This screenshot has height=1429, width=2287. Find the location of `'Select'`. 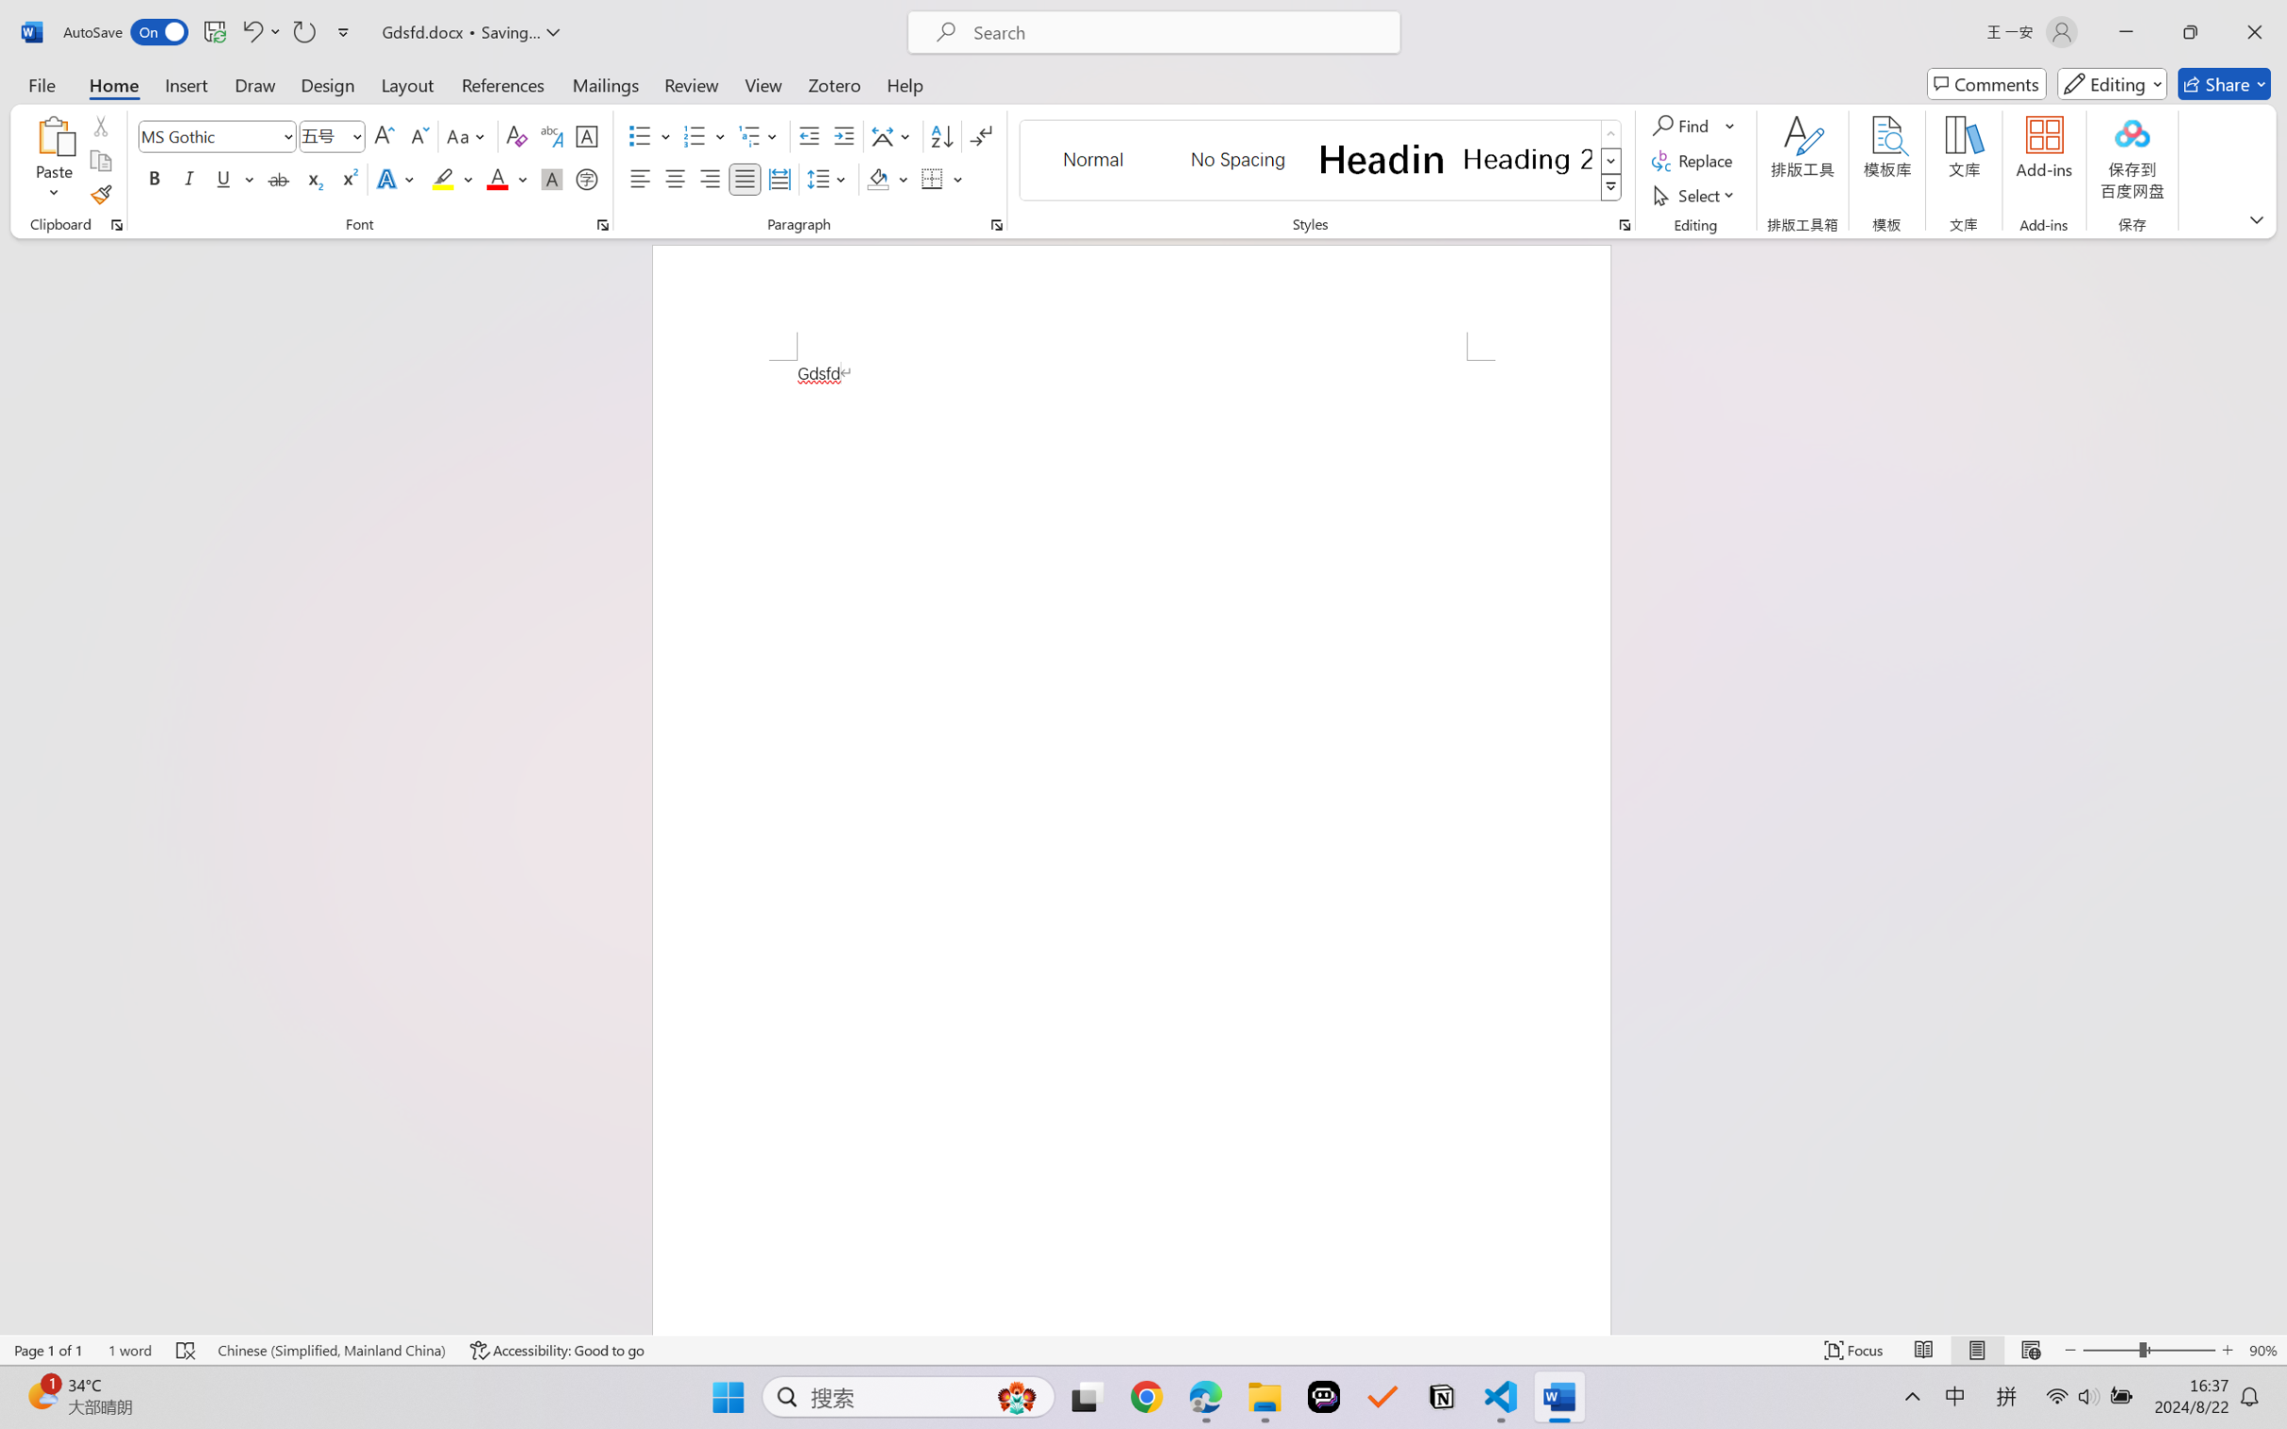

'Select' is located at coordinates (1696, 196).